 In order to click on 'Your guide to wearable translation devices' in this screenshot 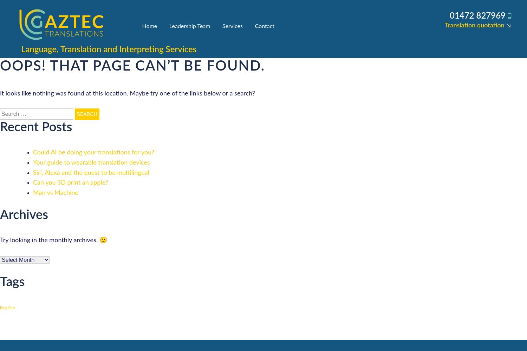, I will do `click(33, 162)`.